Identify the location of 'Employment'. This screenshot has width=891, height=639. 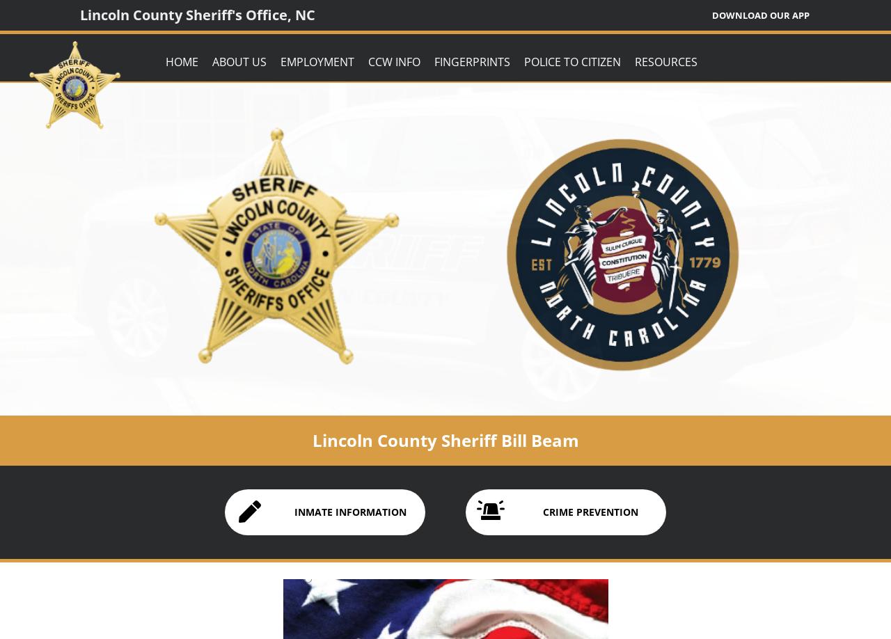
(316, 61).